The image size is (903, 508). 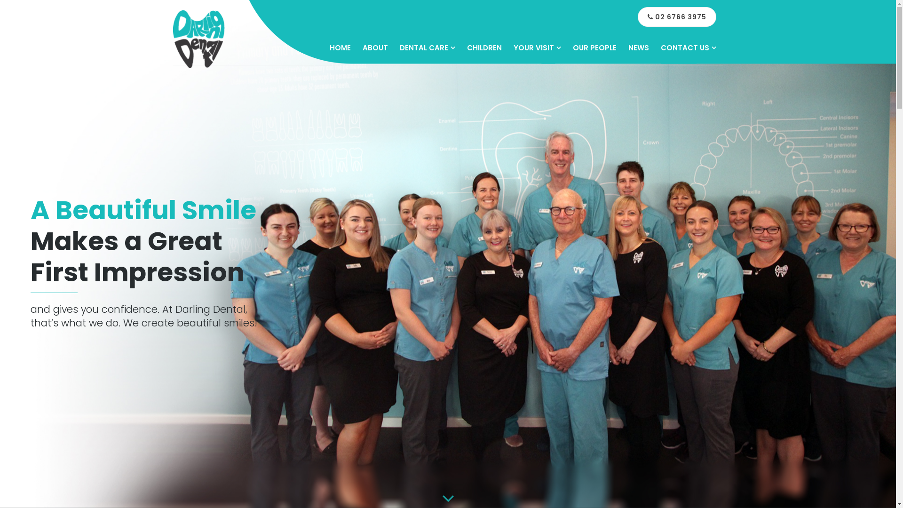 I want to click on '02 6766 3975', so click(x=676, y=16).